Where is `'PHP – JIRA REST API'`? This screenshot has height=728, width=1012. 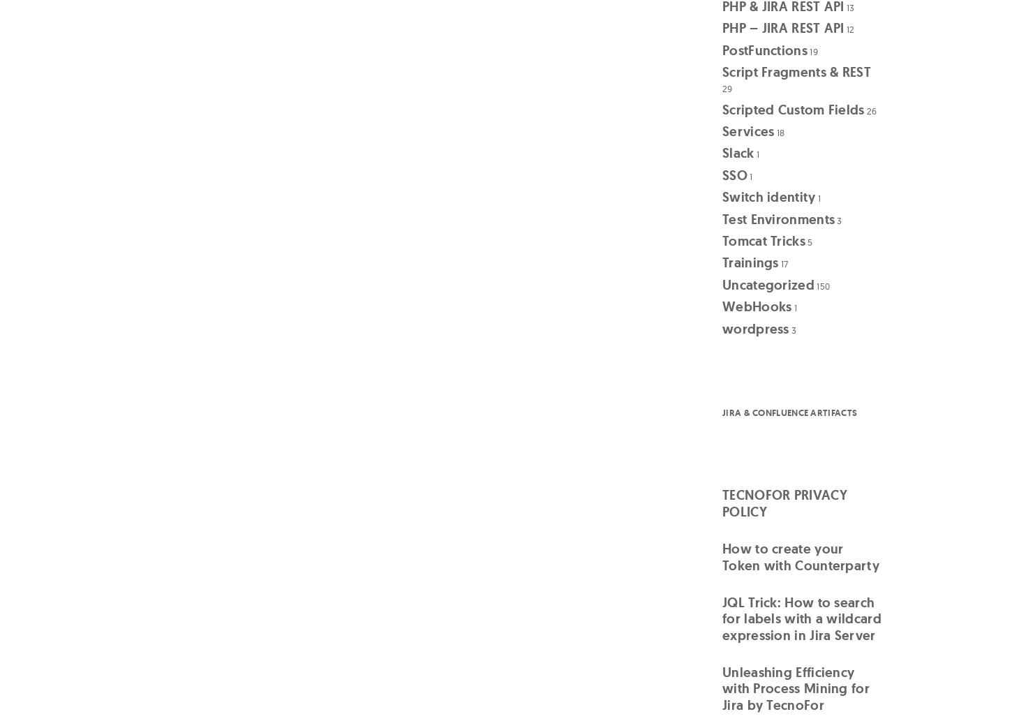 'PHP – JIRA REST API' is located at coordinates (782, 27).